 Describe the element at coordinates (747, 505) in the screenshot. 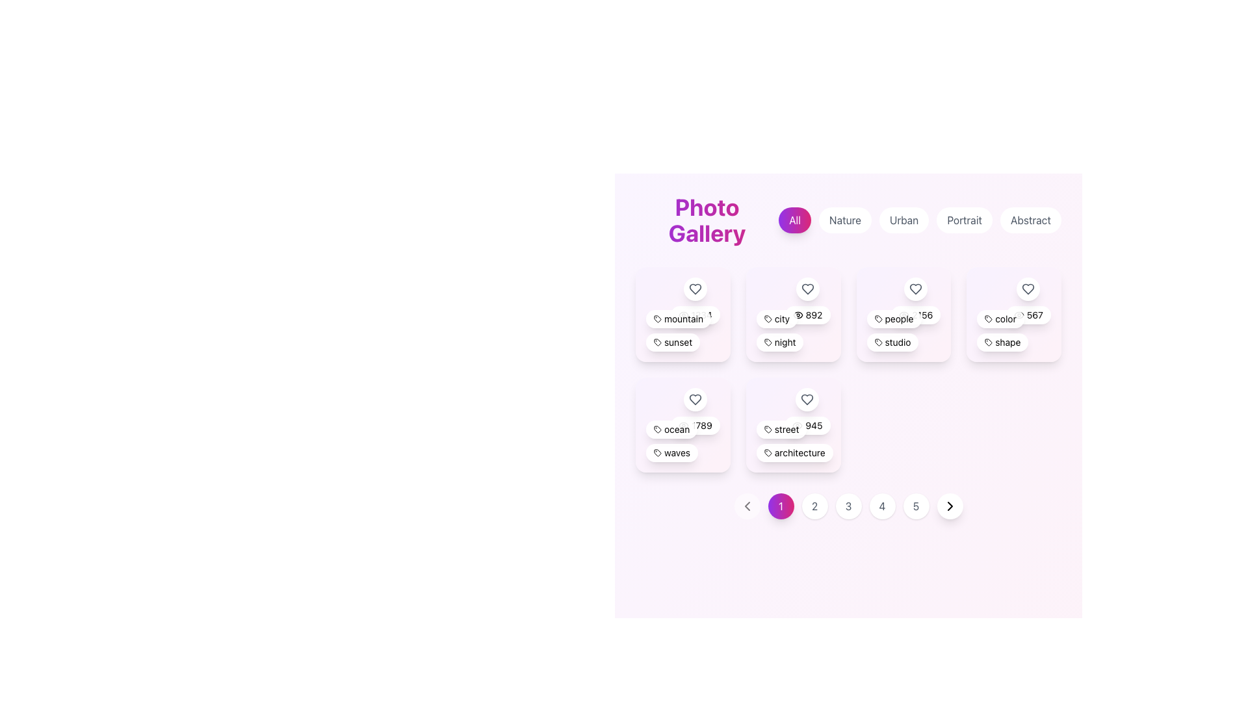

I see `the leftward arrow icon embedded in the circular button` at that location.